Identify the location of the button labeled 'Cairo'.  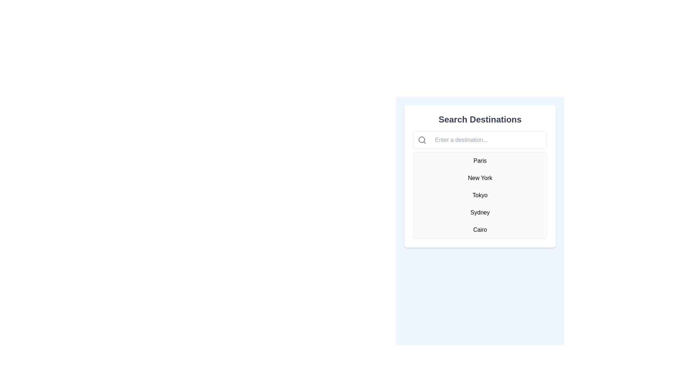
(480, 230).